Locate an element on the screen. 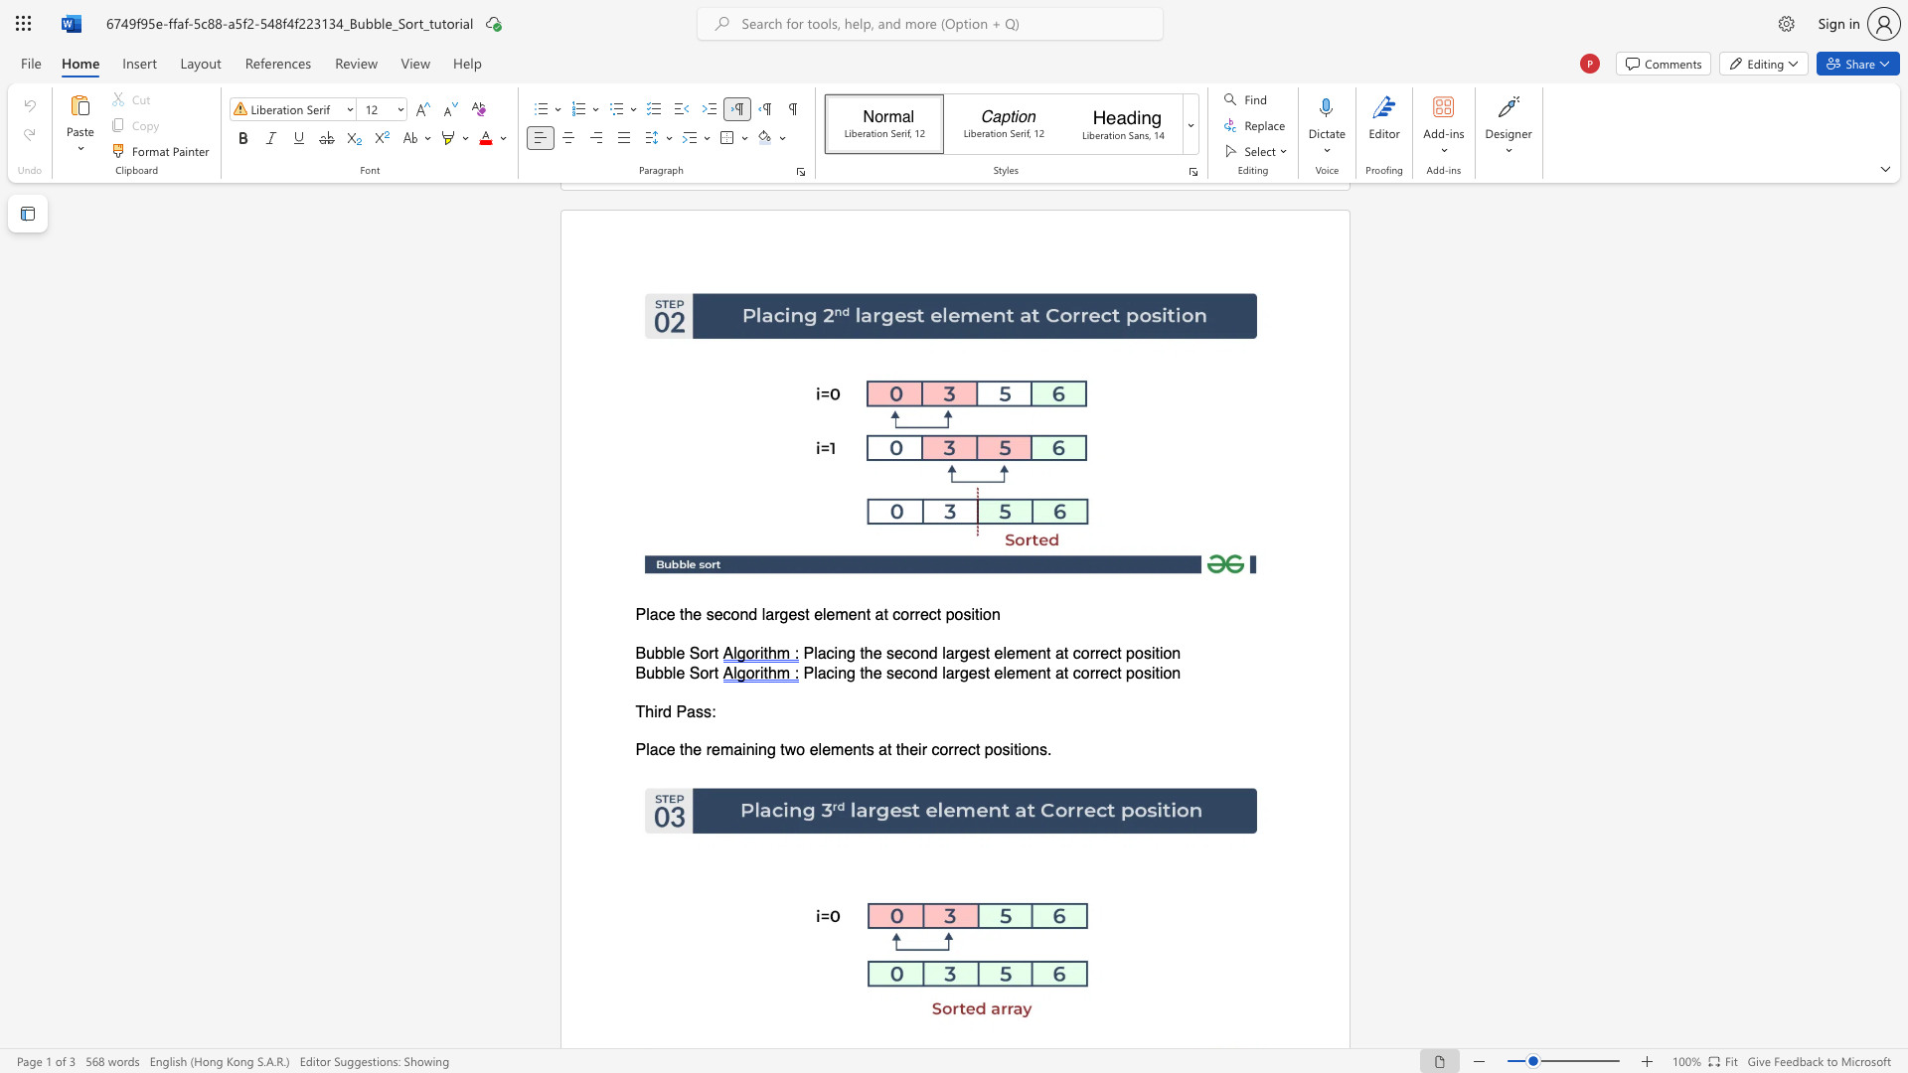  the 2th character "s" in the text is located at coordinates (707, 710).